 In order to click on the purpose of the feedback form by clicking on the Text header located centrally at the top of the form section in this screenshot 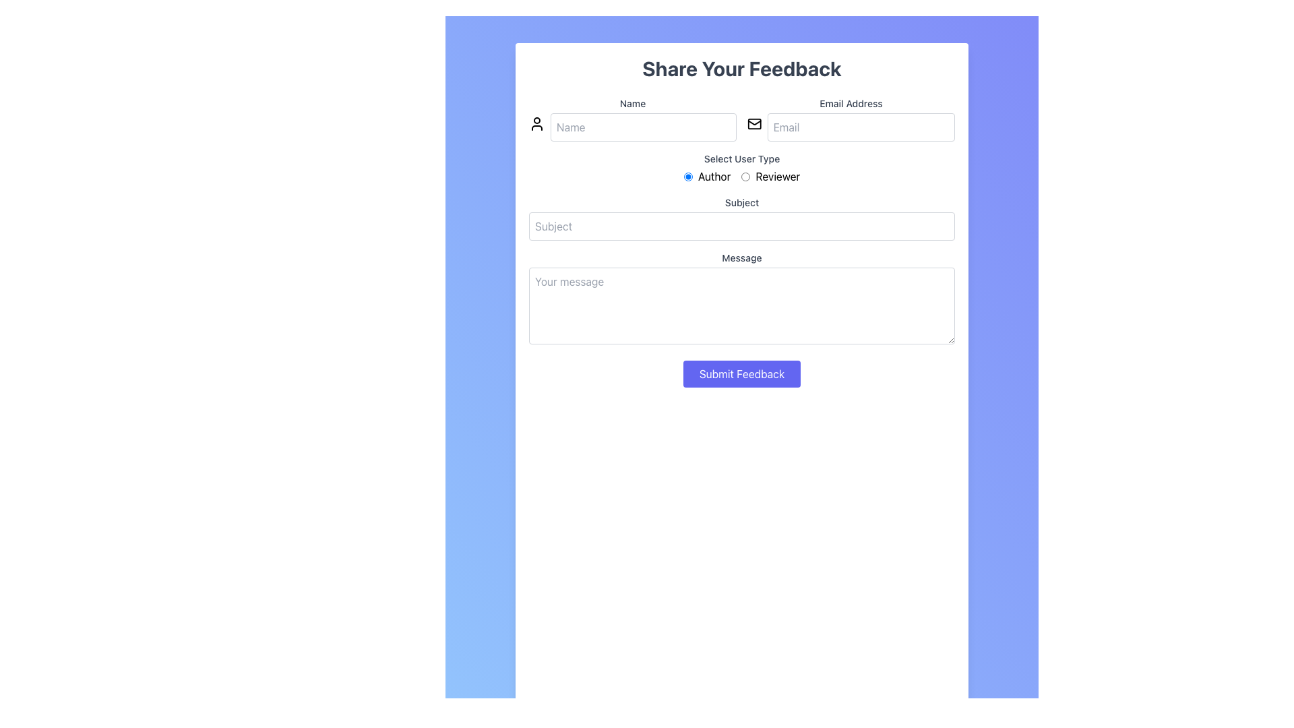, I will do `click(741, 68)`.